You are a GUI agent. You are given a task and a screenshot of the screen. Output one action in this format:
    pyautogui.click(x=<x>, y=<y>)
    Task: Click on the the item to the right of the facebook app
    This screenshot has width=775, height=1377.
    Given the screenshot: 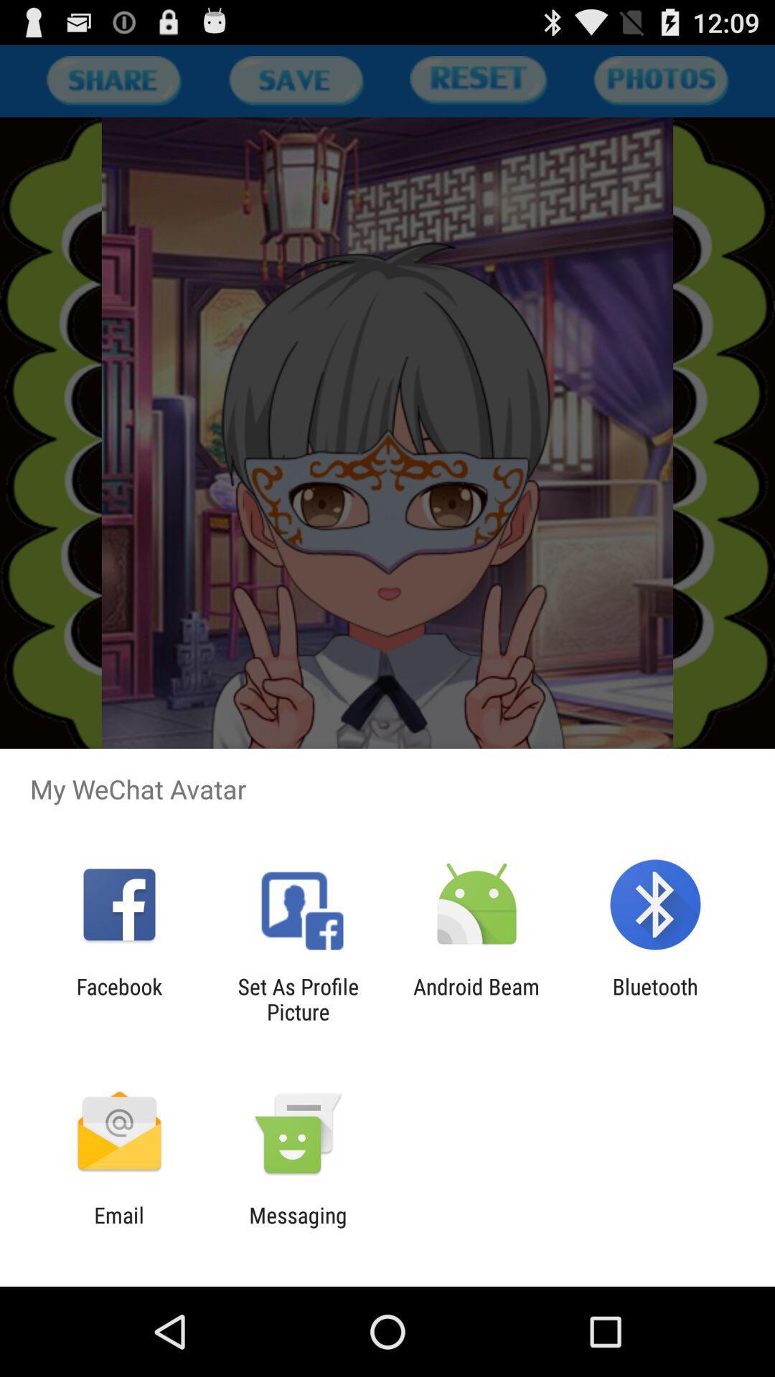 What is the action you would take?
    pyautogui.click(x=297, y=998)
    